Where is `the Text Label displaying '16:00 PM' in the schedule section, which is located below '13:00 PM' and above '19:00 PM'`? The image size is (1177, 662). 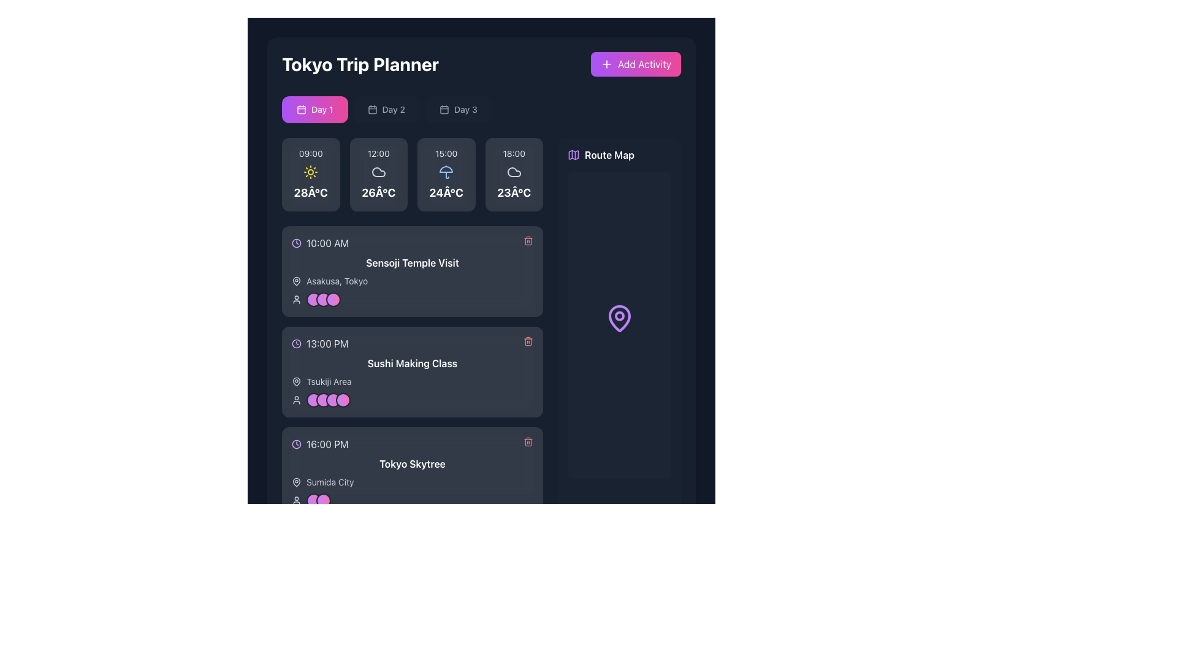
the Text Label displaying '16:00 PM' in the schedule section, which is located below '13:00 PM' and above '19:00 PM' is located at coordinates (327, 444).